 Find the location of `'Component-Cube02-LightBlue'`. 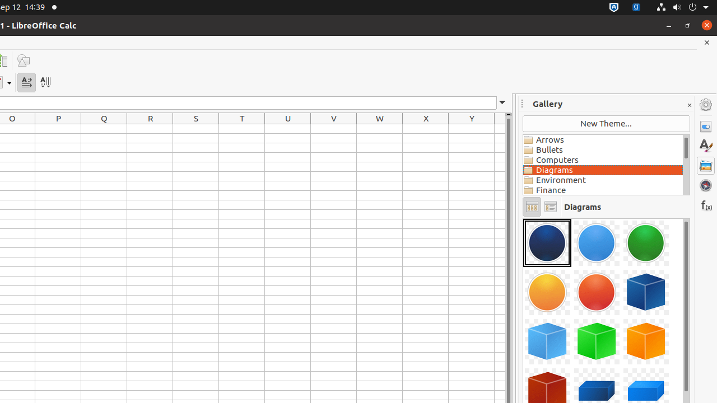

'Component-Cube02-LightBlue' is located at coordinates (547, 340).